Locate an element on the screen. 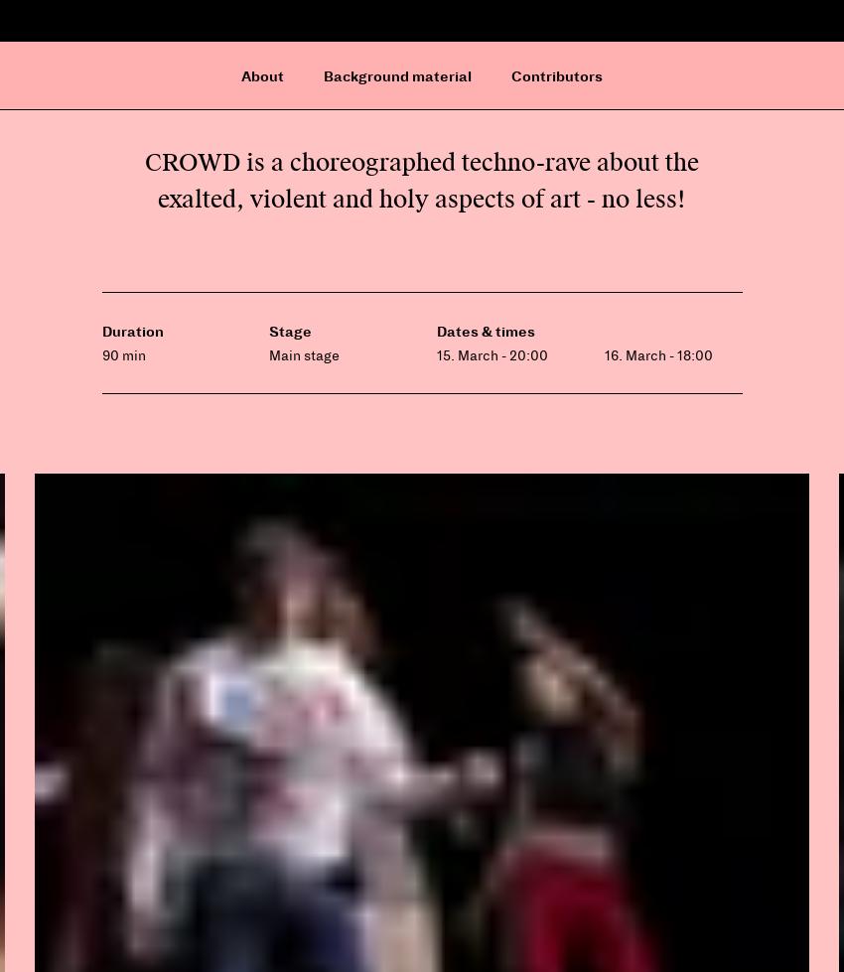 This screenshot has height=972, width=844. '16. March - 18:00' is located at coordinates (657, 354).